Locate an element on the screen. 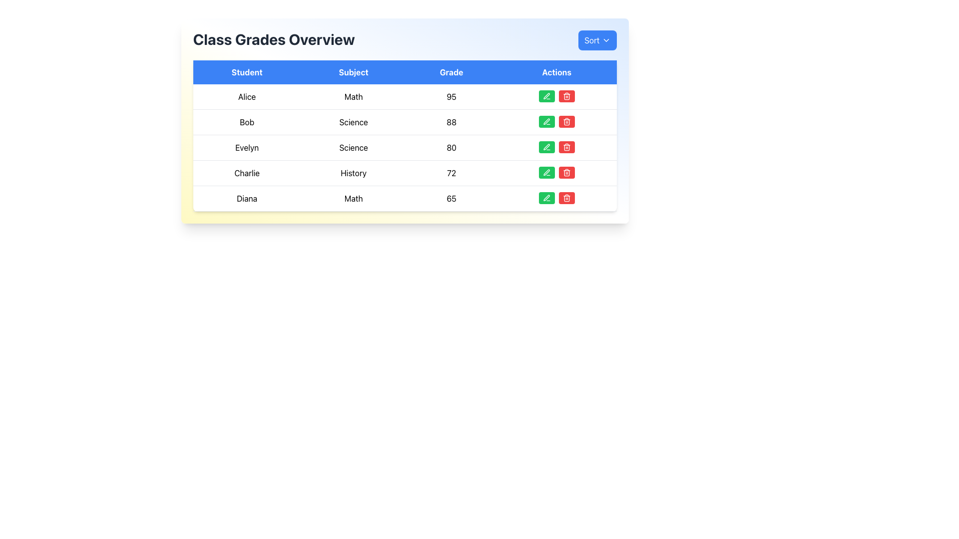  the red delete button with a trash can icon located in the last row of the 'Class Grades Overview' table is located at coordinates (566, 198).